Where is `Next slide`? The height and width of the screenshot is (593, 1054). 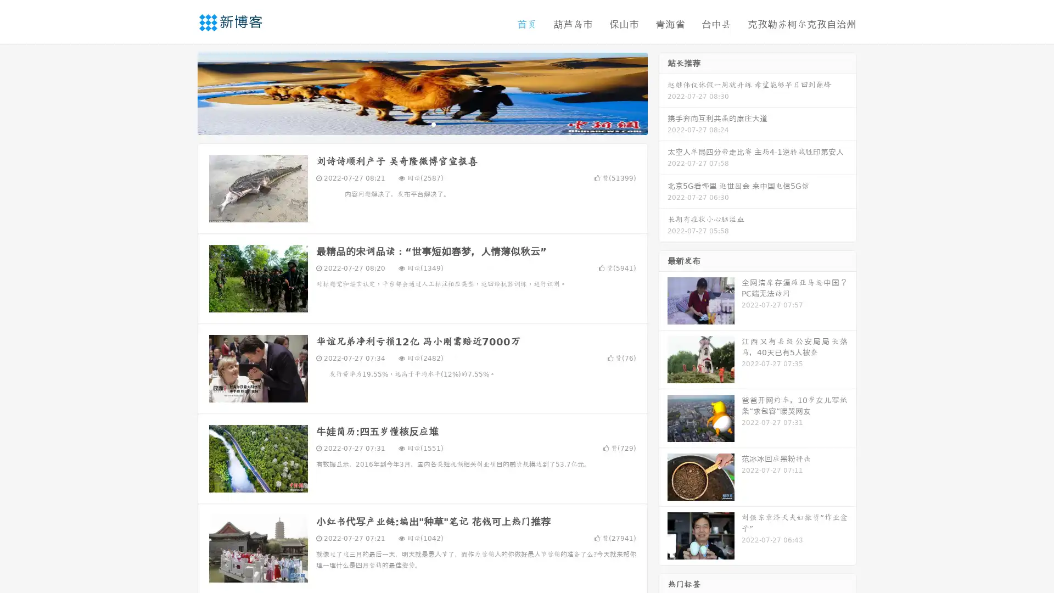
Next slide is located at coordinates (663, 92).